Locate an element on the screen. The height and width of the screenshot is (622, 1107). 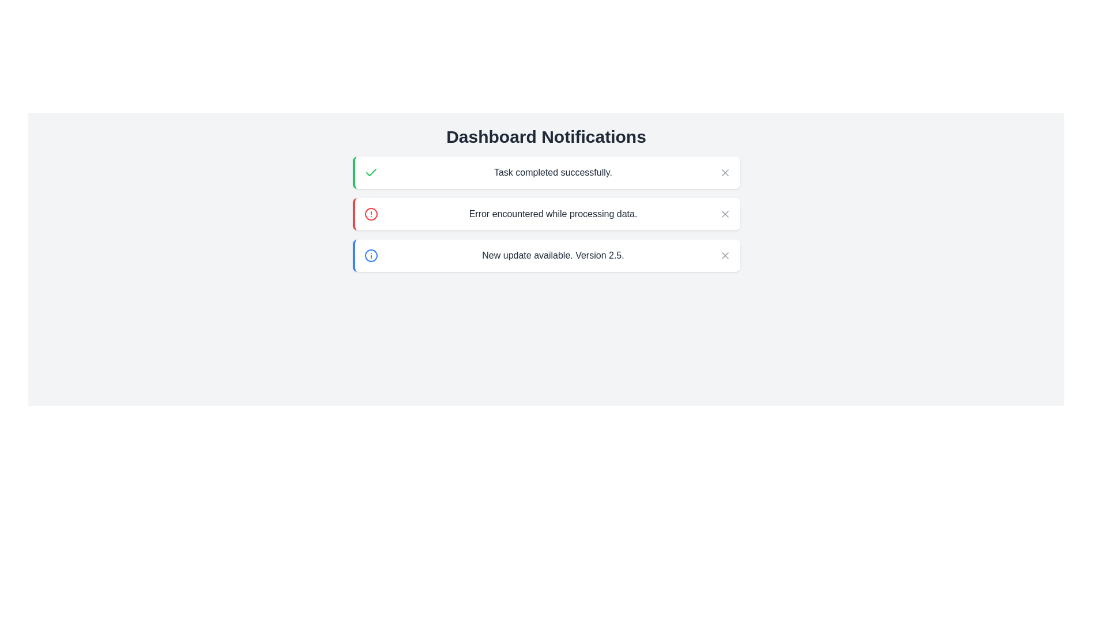
static text field displaying the error message regarding data processing, which is located in the vertically stacked notification area between two other messages is located at coordinates (552, 214).